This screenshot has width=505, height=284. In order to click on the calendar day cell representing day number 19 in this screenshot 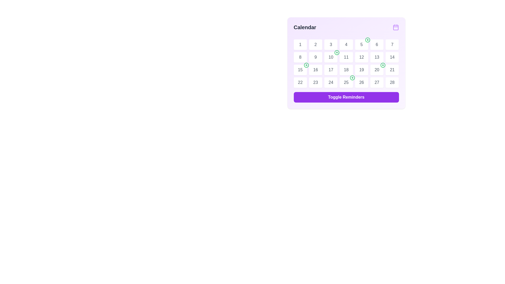, I will do `click(361, 70)`.